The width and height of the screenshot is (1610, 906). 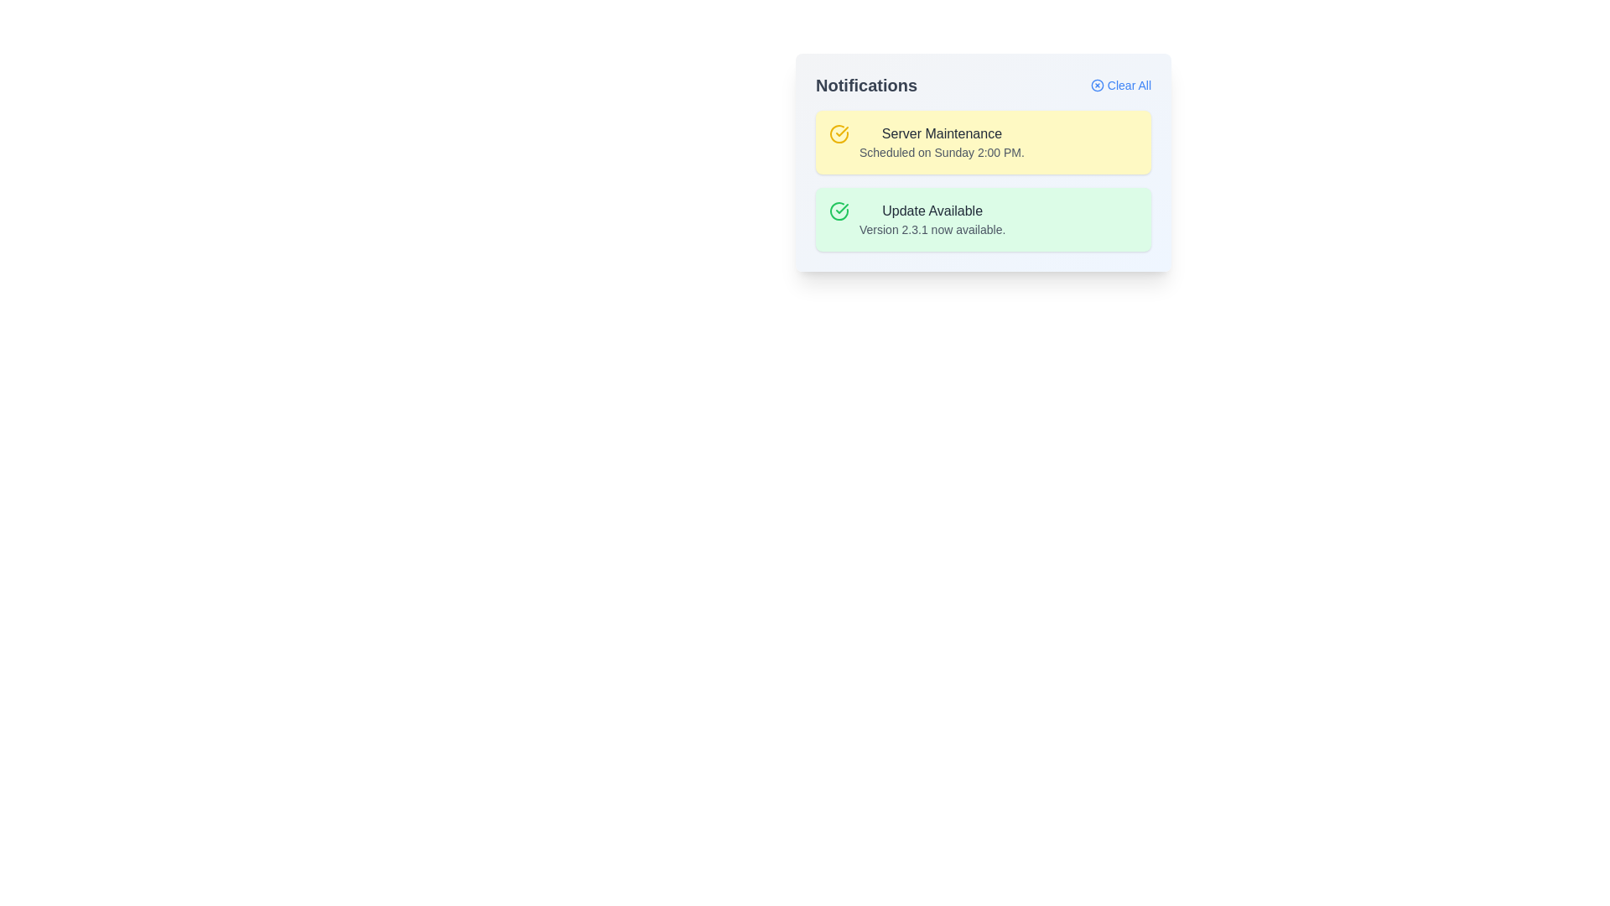 What do you see at coordinates (942, 133) in the screenshot?
I see `contents of the text label displaying 'Server Maintenance' located in the upper-left area of the yellow notification box` at bounding box center [942, 133].